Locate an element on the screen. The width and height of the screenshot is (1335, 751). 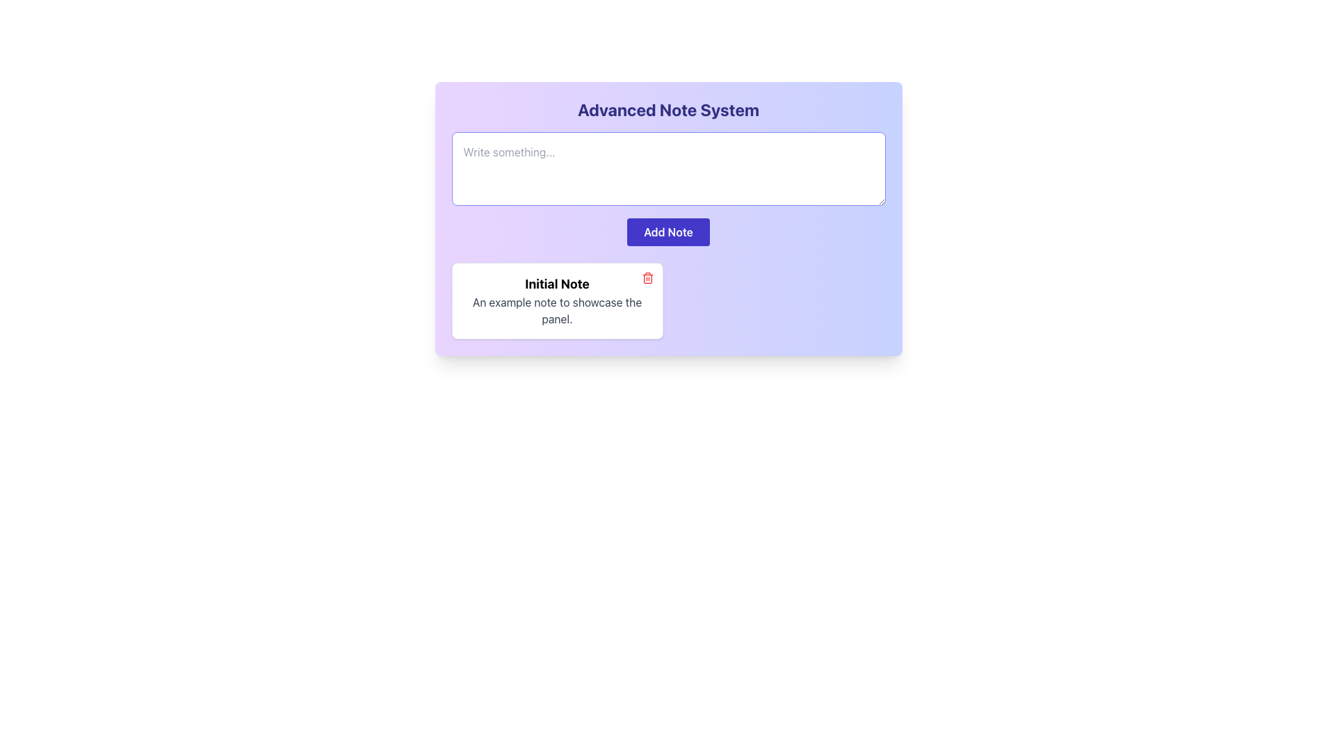
the delete icon button located at the top-right corner of the 'Initial Note' panel to observe the color change effect is located at coordinates (647, 278).